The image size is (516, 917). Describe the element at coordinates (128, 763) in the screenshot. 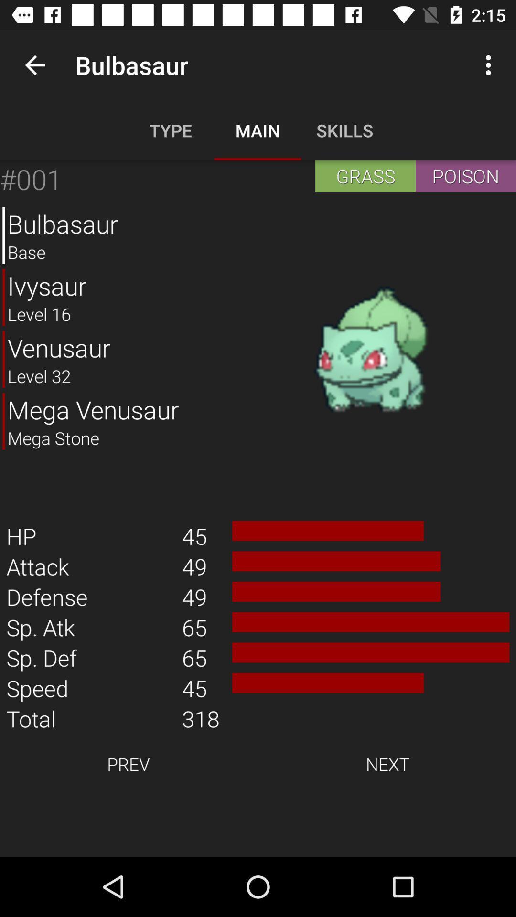

I see `icon below total` at that location.